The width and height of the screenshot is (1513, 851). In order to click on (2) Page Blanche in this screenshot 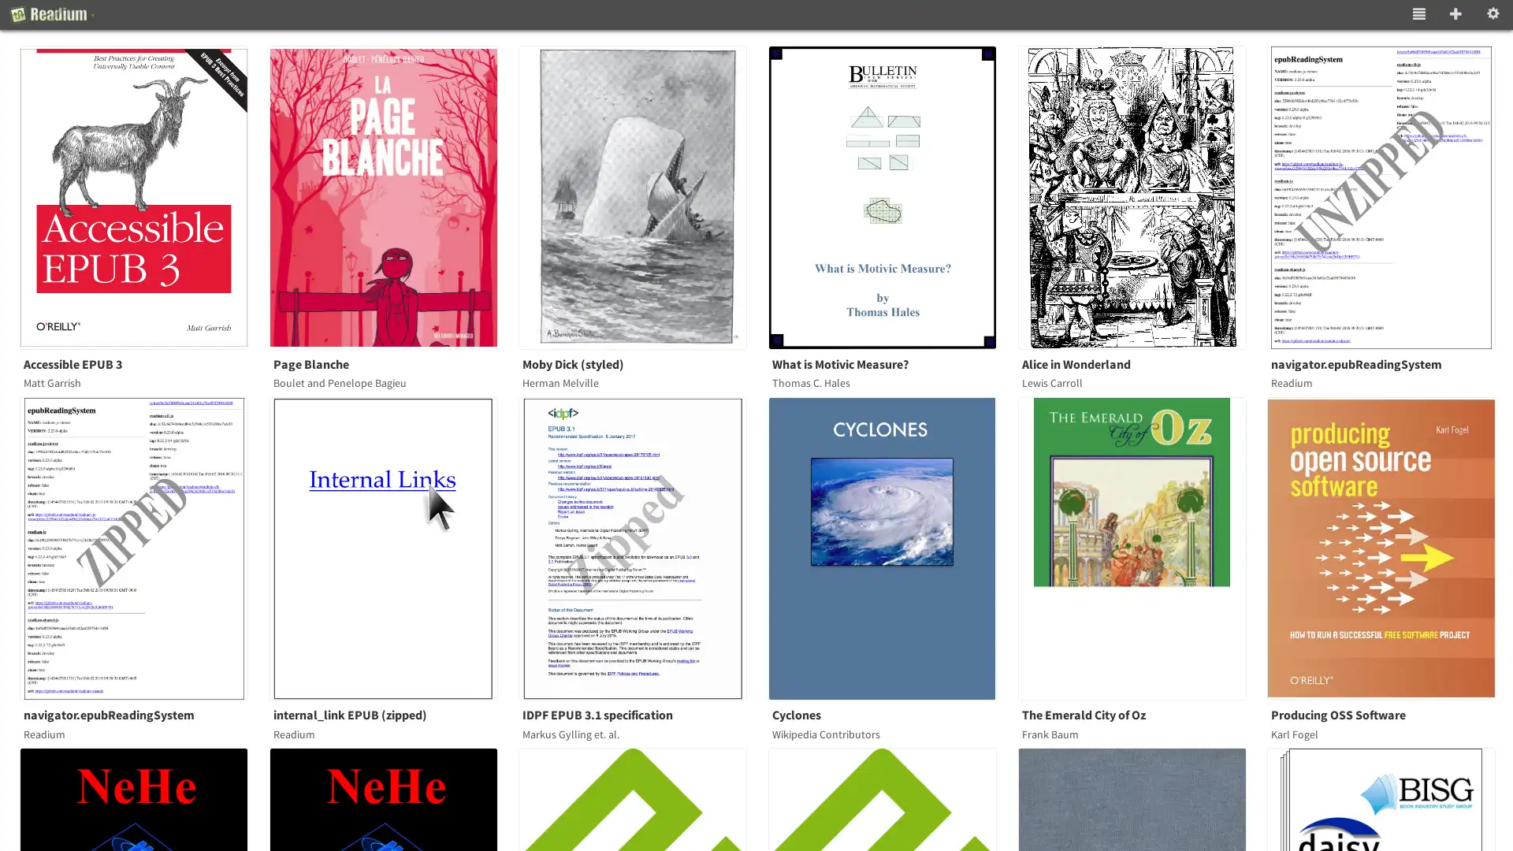, I will do `click(392, 196)`.